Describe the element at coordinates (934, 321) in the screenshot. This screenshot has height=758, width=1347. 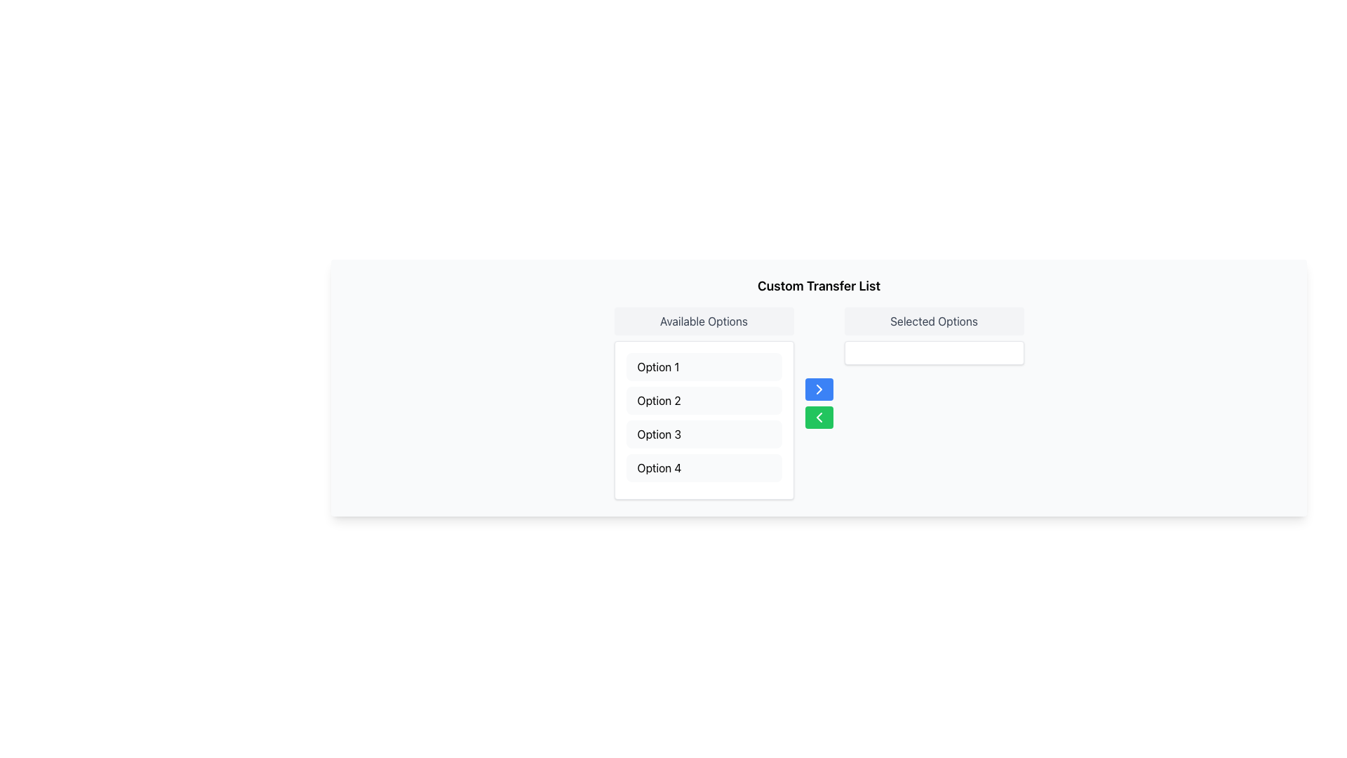
I see `the 'Selected Options' text label located in the upper part of the right section of the interface` at that location.